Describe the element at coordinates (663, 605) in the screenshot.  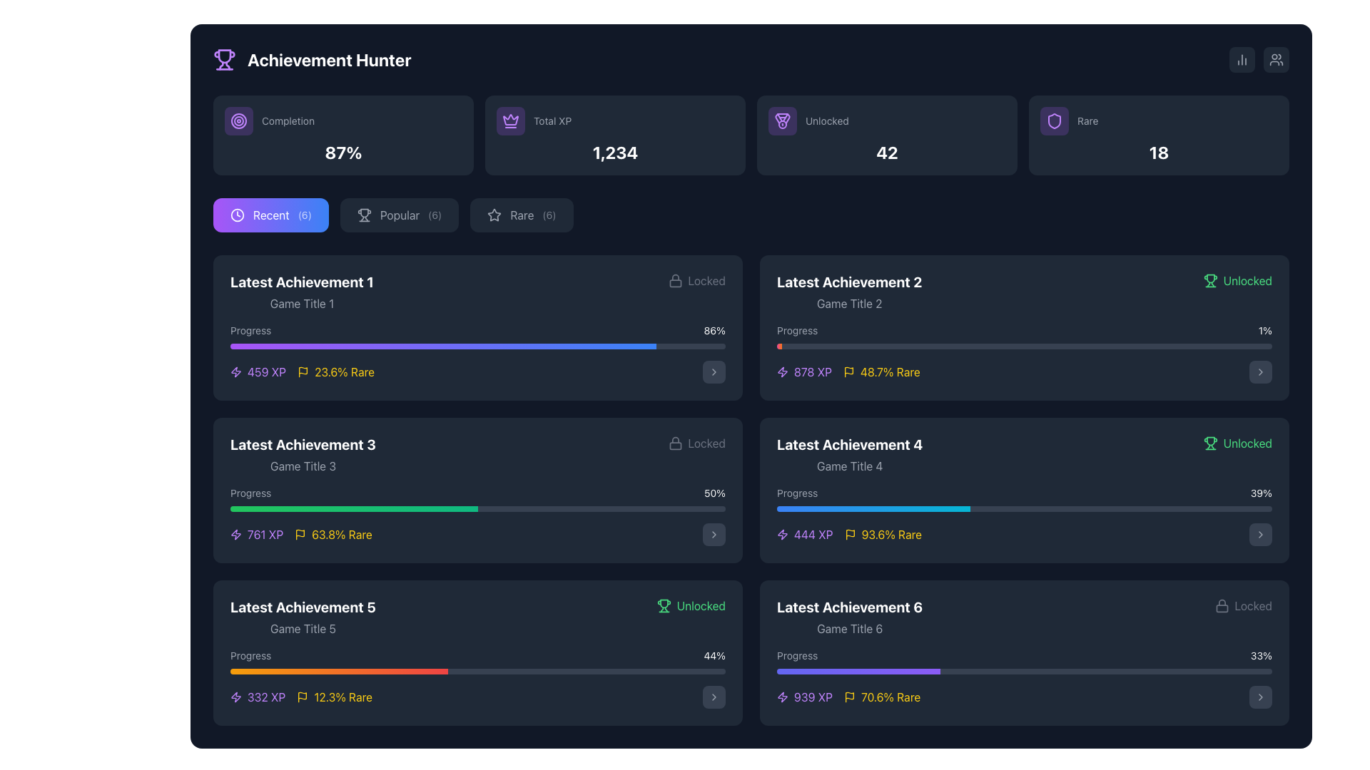
I see `the trophy icon in the 'Latest Achievement 4' section, which is styled in green and is positioned to the left of the green text 'Unlocked'` at that location.